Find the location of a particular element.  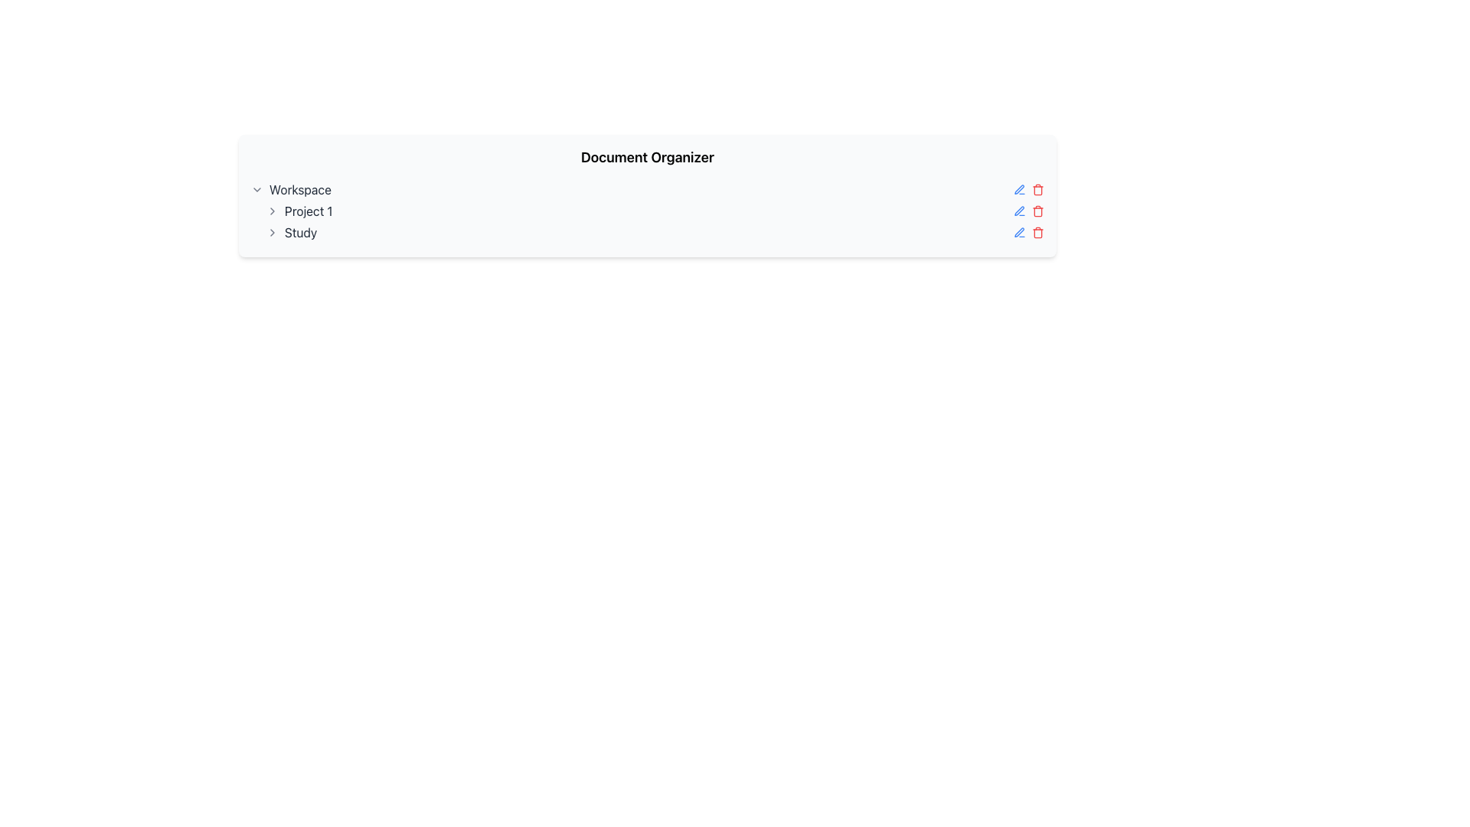

the trash bin icon button is located at coordinates (1038, 211).